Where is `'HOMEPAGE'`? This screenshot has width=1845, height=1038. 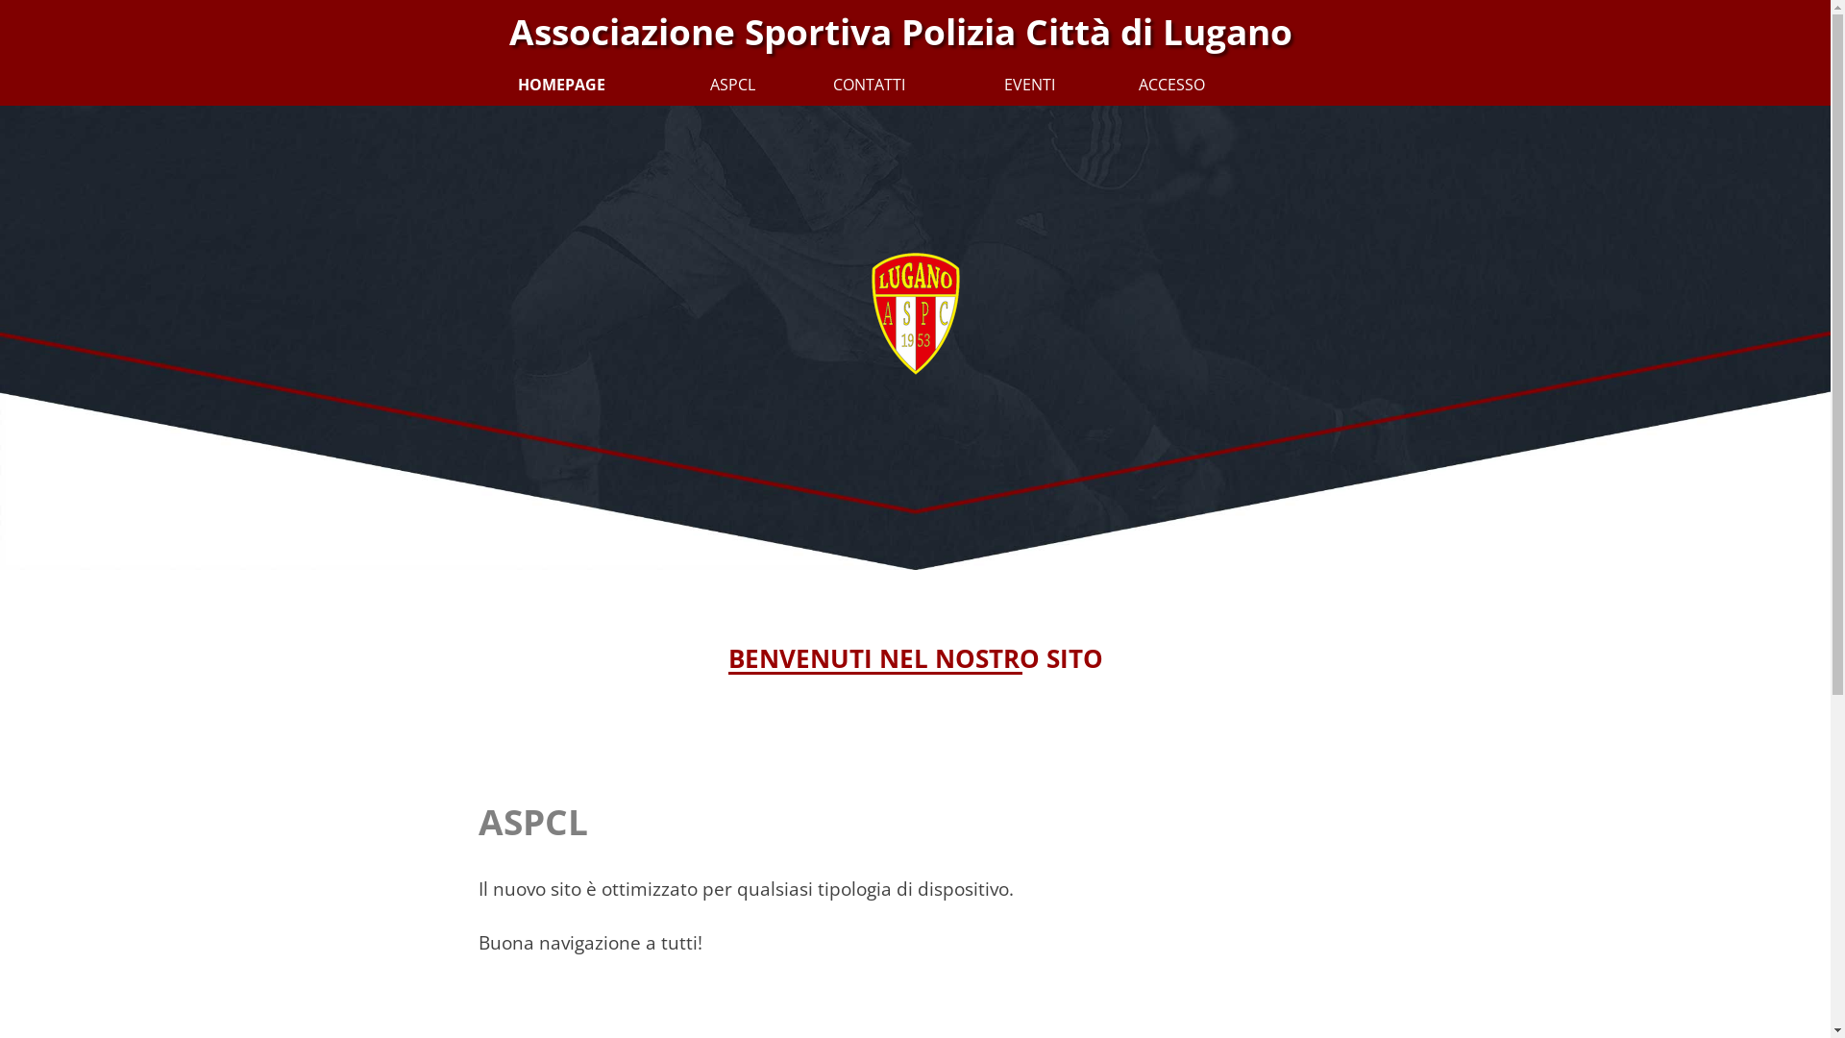 'HOMEPAGE' is located at coordinates (534, 83).